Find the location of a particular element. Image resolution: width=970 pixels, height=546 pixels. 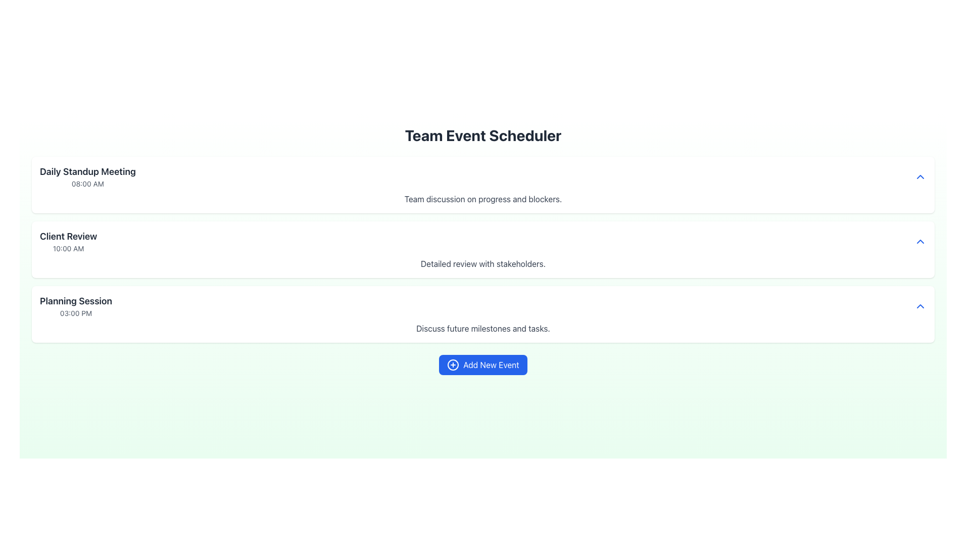

the static plain text label that provides additional detail for the 'Client Review' event at '10:00 AM', located within a white box at the bottom of the entry is located at coordinates (482, 263).